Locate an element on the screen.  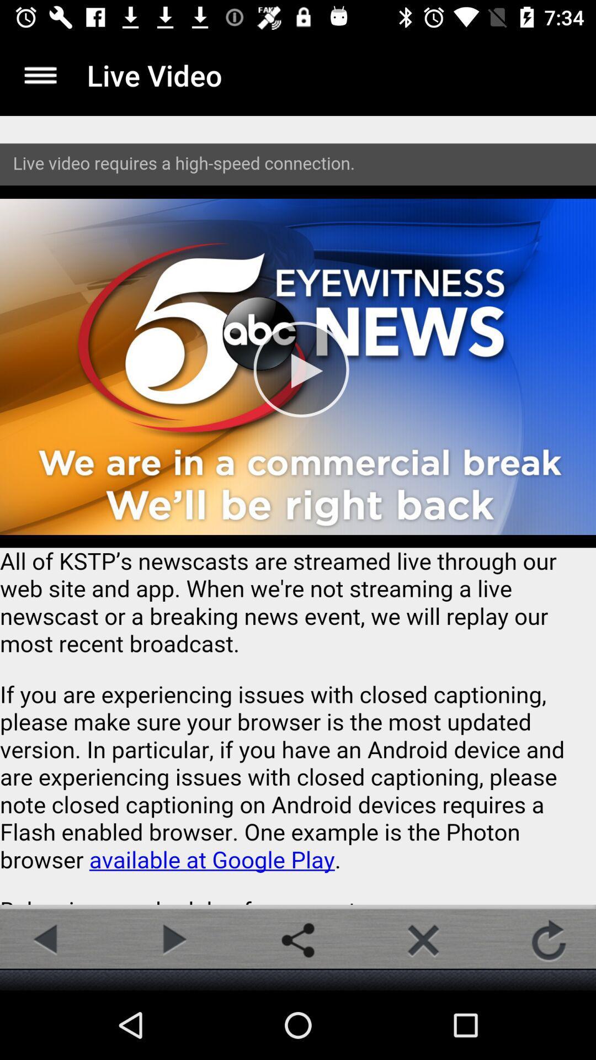
the arrow_backward icon is located at coordinates (46, 940).